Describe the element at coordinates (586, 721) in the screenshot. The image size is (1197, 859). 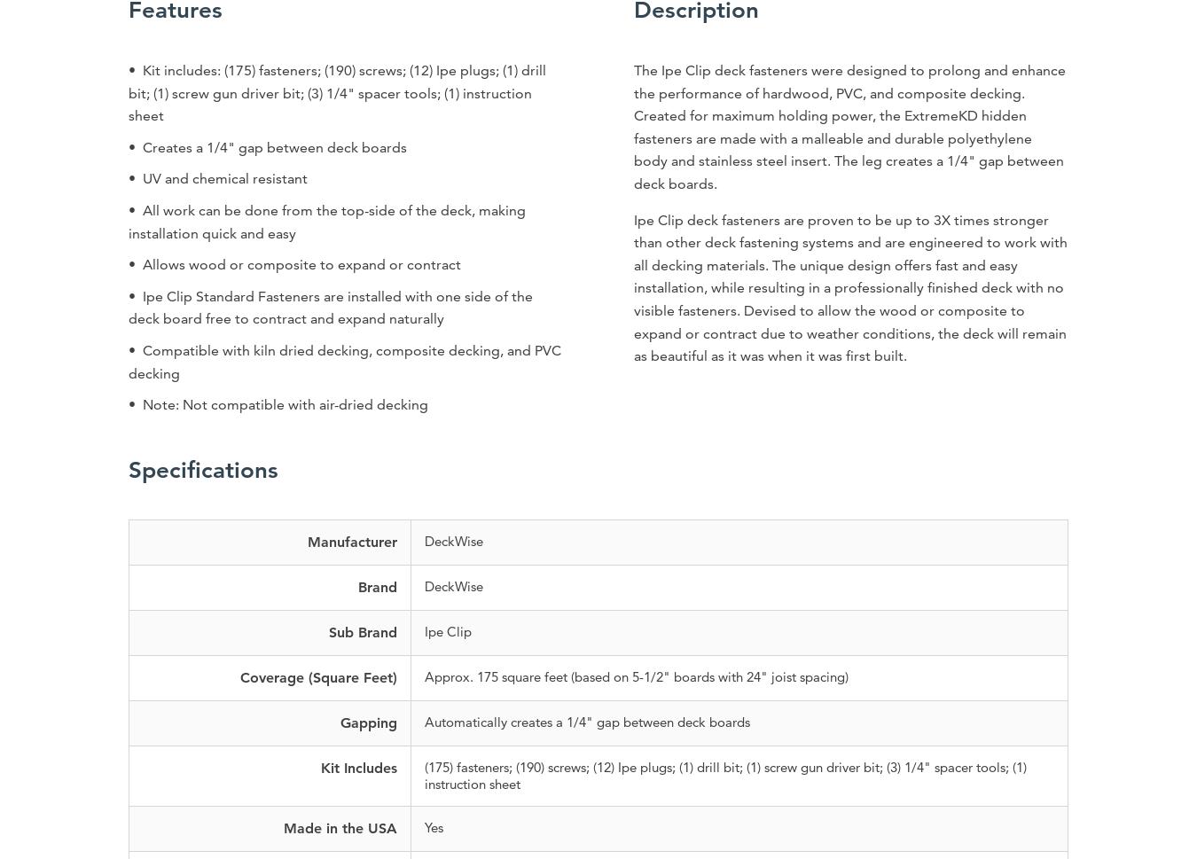
I see `'Automatically creates a 1/4" gap between deck boards'` at that location.